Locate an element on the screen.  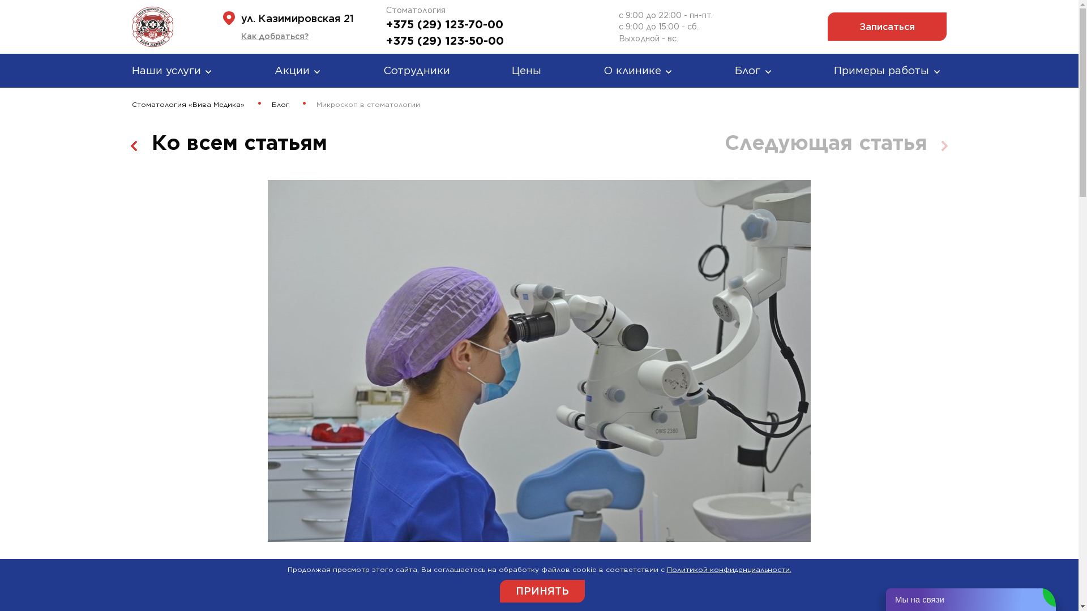
'+375 (29) 123-50-00' is located at coordinates (444, 40).